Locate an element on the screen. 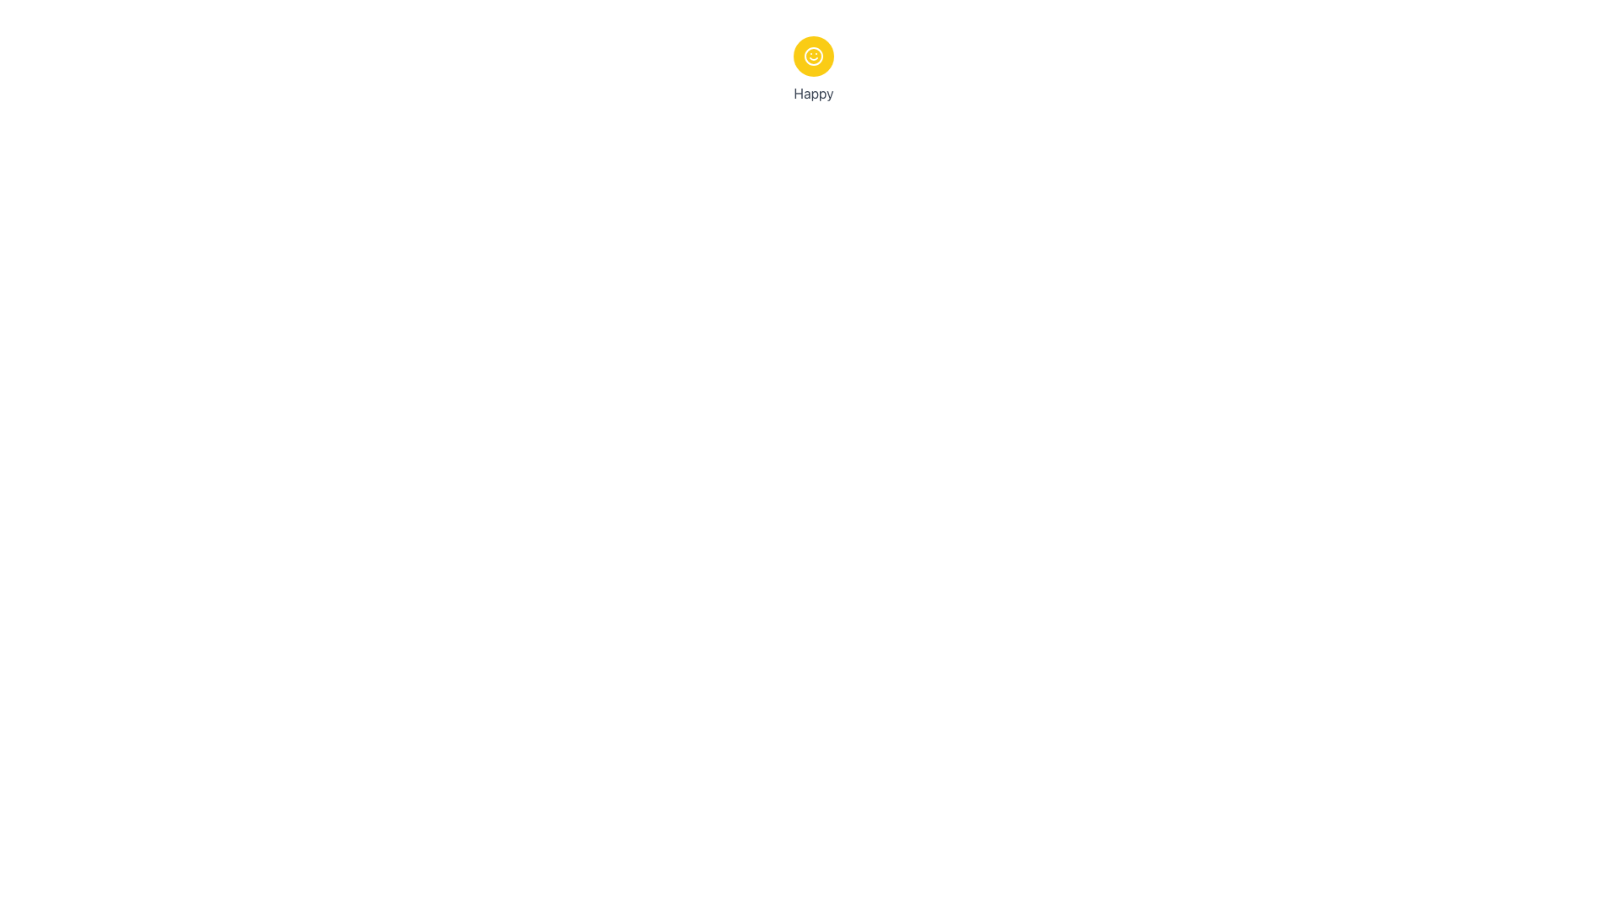 Image resolution: width=1621 pixels, height=911 pixels. the 'Happy' icon button with a yellow background is located at coordinates (814, 55).